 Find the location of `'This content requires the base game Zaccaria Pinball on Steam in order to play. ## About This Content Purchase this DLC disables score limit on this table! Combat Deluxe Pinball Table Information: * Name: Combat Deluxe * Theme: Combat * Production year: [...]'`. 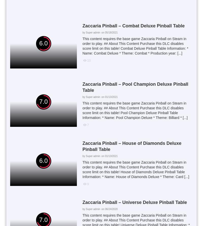

'This content requires the base game Zaccaria Pinball on Steam in order to play. ## About This Content Purchase this DLC disables score limit on this table! Combat Deluxe Pinball Table Information: * Name: Combat Deluxe * Theme: Combat * Production year: [...]' is located at coordinates (82, 46).